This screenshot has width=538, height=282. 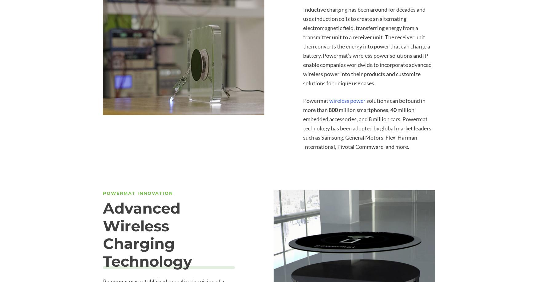 I want to click on 'wireless power', so click(x=347, y=100).